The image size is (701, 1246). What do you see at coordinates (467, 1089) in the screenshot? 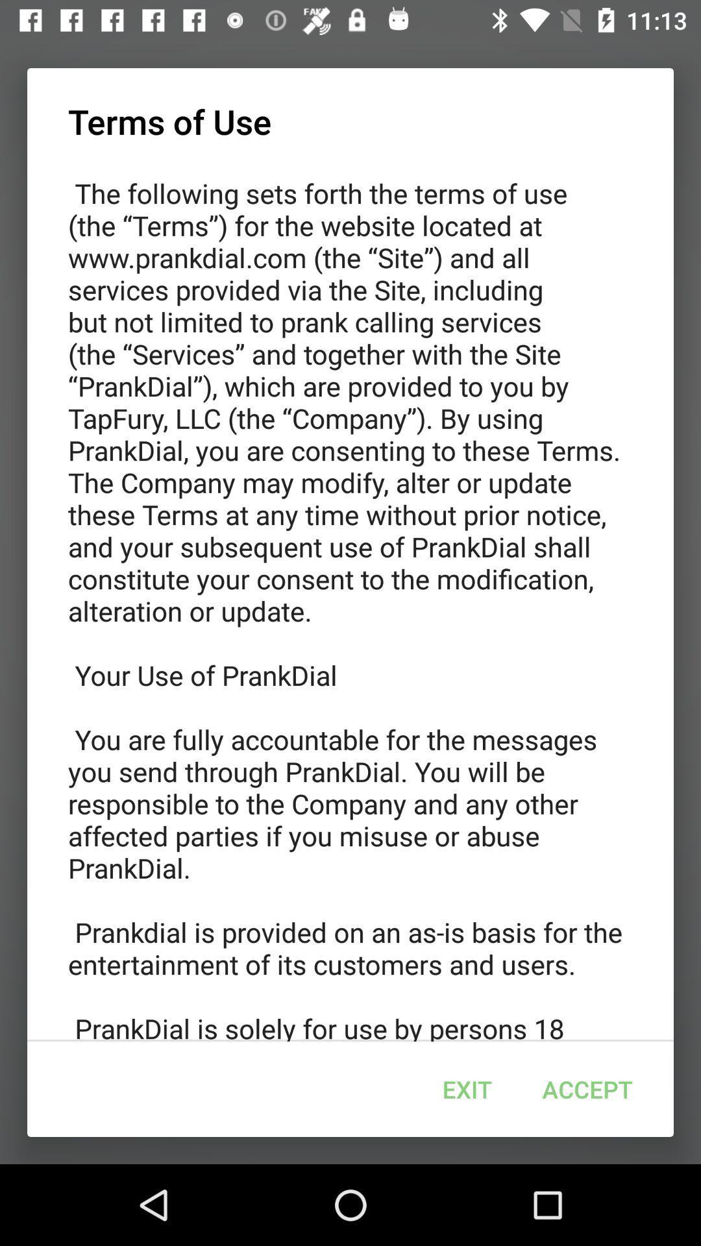
I see `the exit item` at bounding box center [467, 1089].